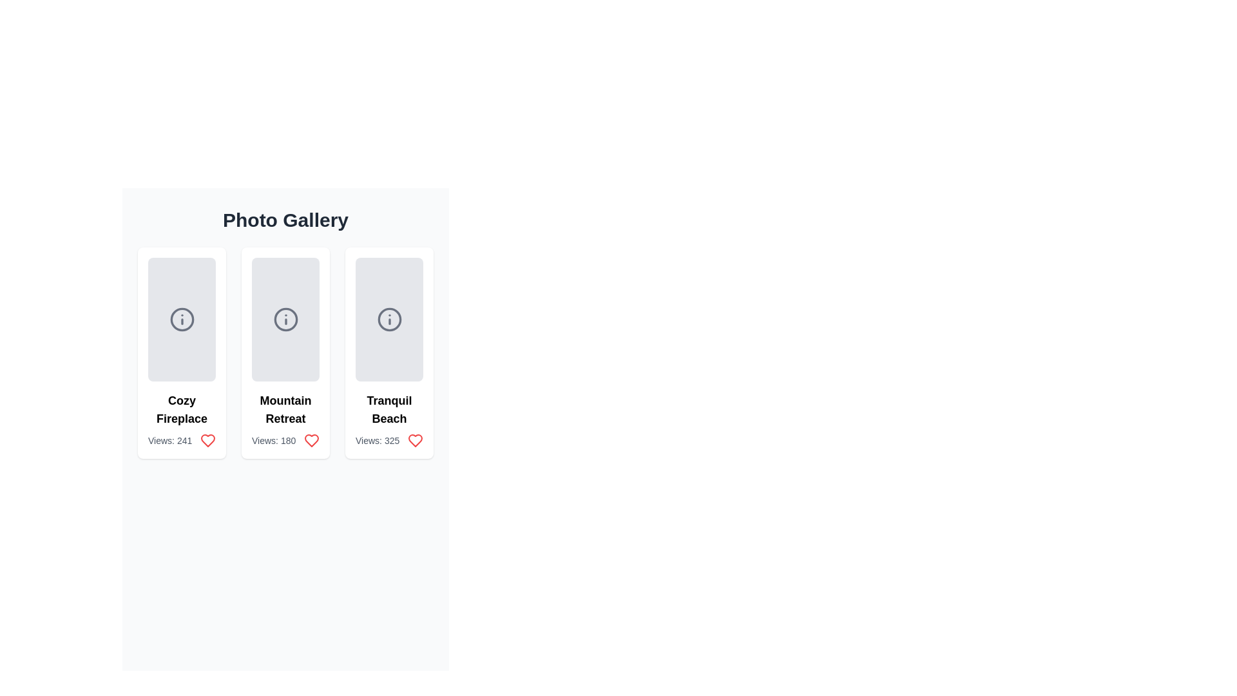 This screenshot has height=696, width=1237. What do you see at coordinates (181, 319) in the screenshot?
I see `the SVG Circle element located inside the leftmost card in a grid of three, positioned above the text 'Cozy Fireplace'` at bounding box center [181, 319].